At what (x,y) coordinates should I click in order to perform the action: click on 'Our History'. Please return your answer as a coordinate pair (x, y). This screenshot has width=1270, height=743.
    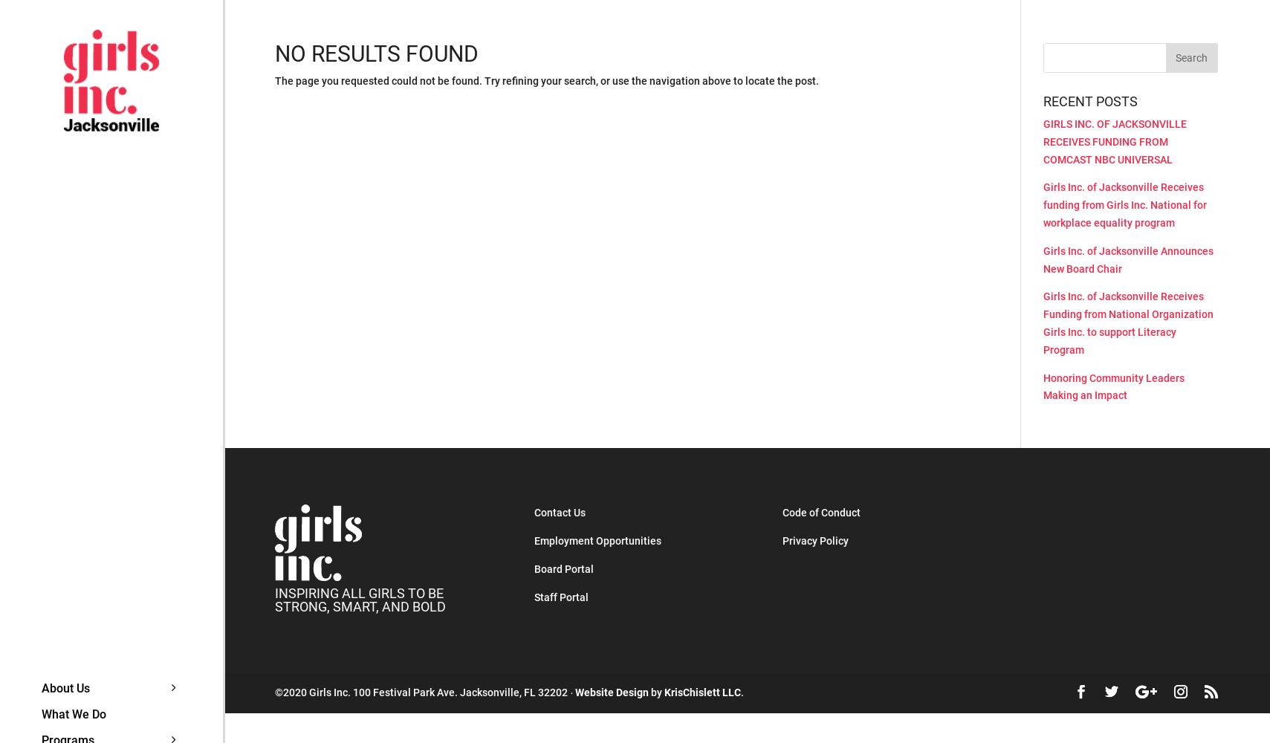
    Looking at the image, I should click on (276, 673).